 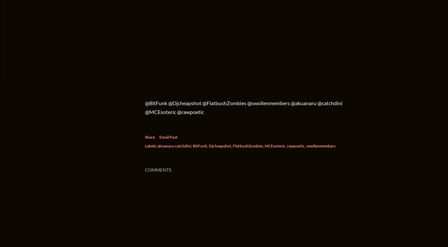 What do you see at coordinates (169, 137) in the screenshot?
I see `'Email Post'` at bounding box center [169, 137].